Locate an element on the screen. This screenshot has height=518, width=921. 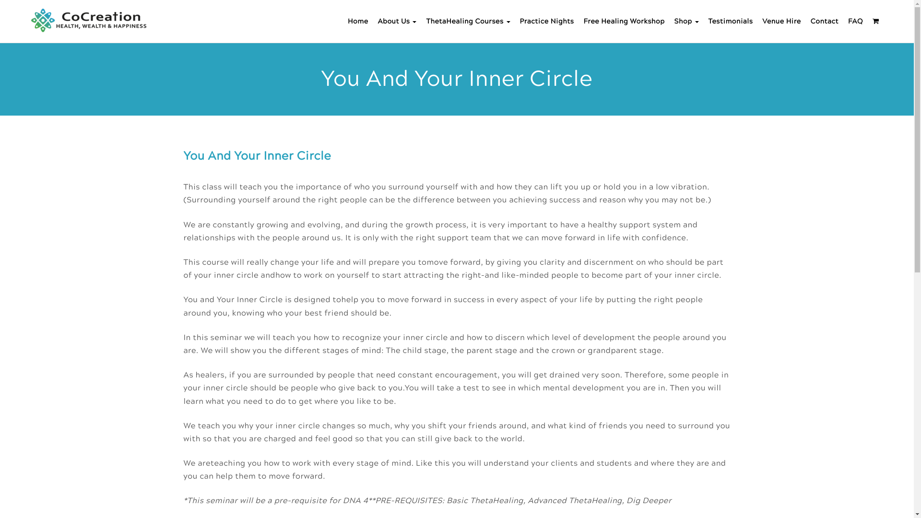
'Contact' is located at coordinates (824, 20).